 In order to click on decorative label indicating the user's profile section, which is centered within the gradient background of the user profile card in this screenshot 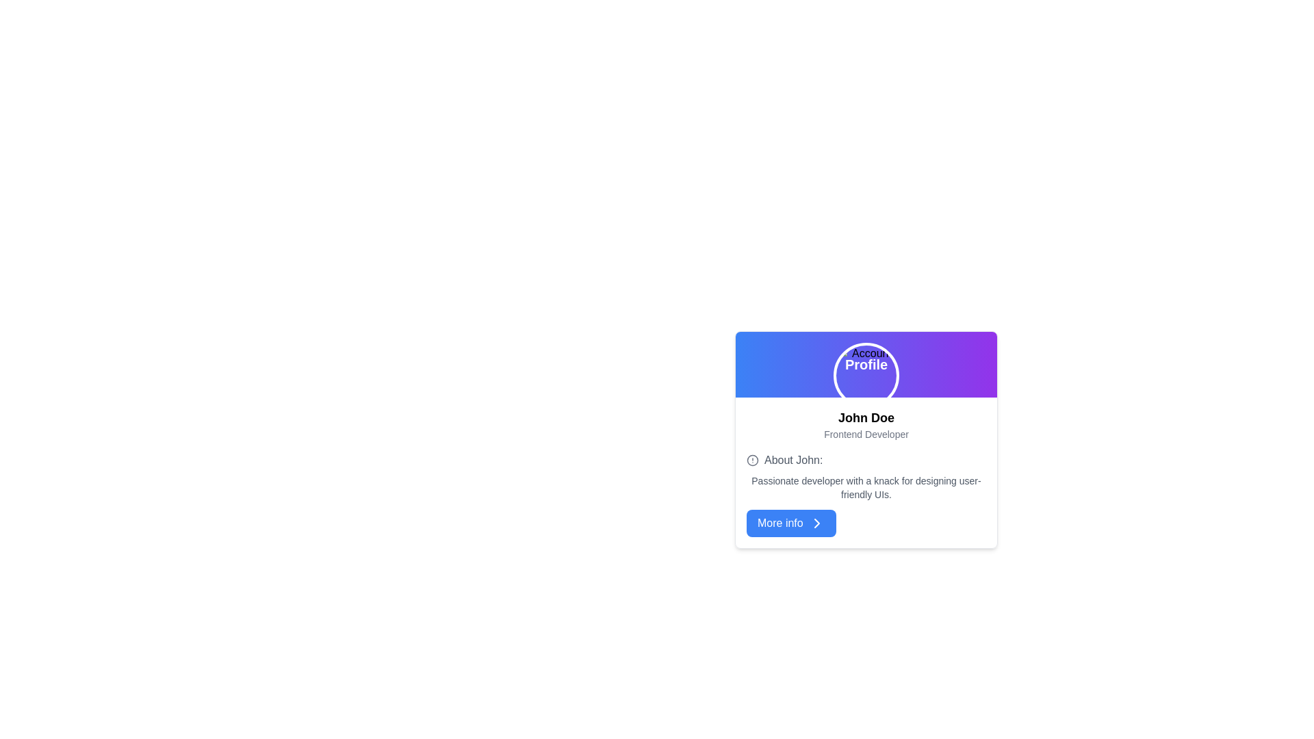, I will do `click(866, 363)`.